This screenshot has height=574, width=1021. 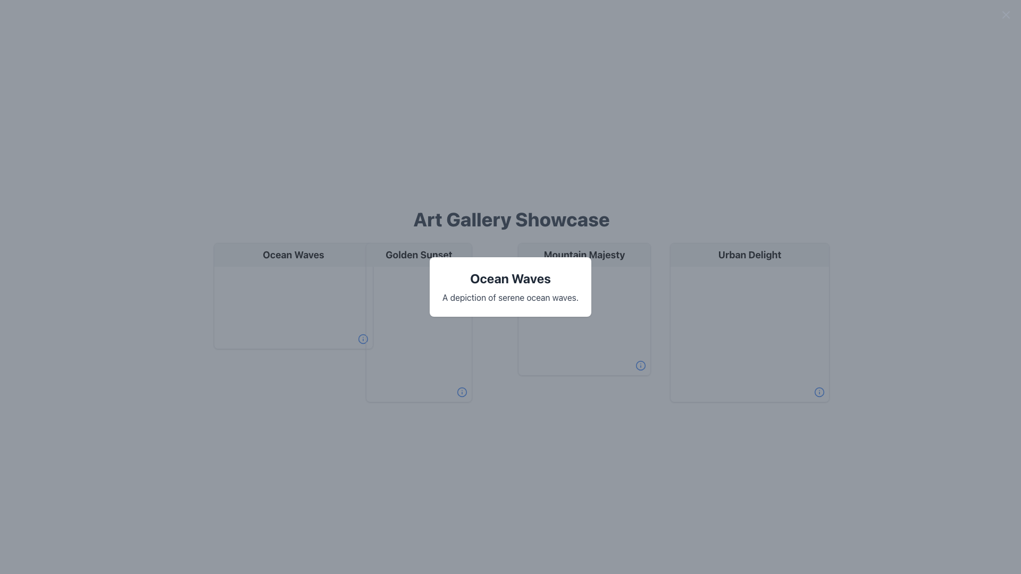 I want to click on the close button located in the top-right corner of the pop-up card displaying 'Ocean Waves', so click(x=1005, y=14).